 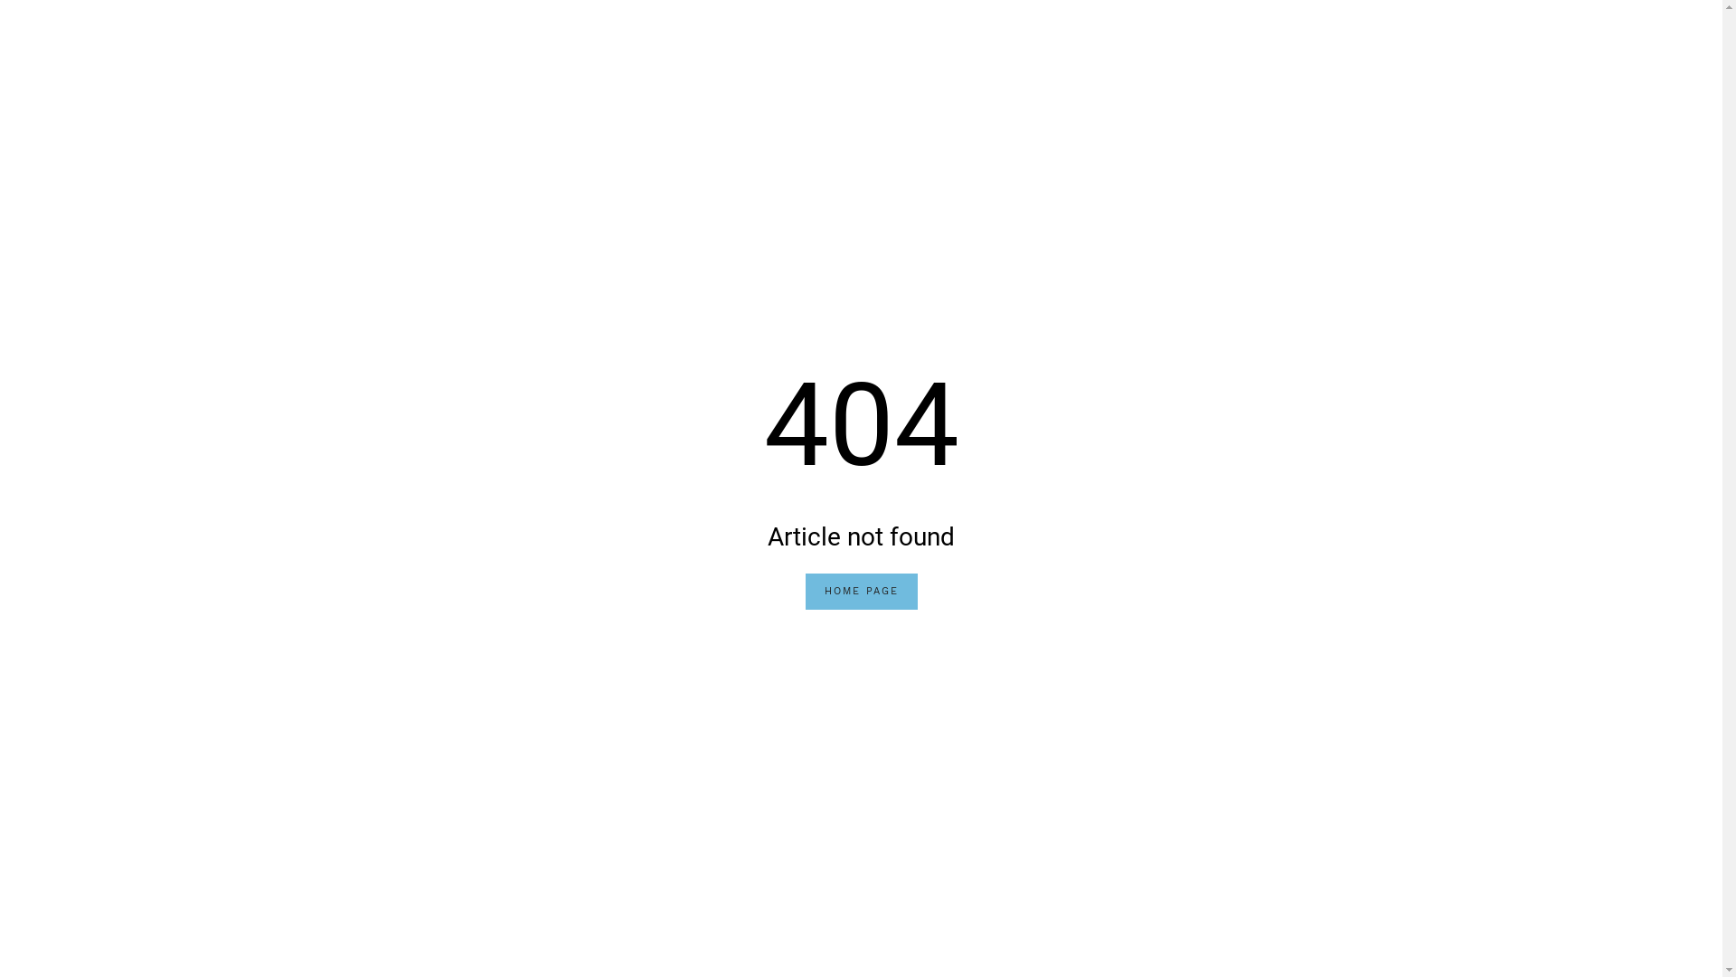 What do you see at coordinates (859, 592) in the screenshot?
I see `'HOME PAGE'` at bounding box center [859, 592].